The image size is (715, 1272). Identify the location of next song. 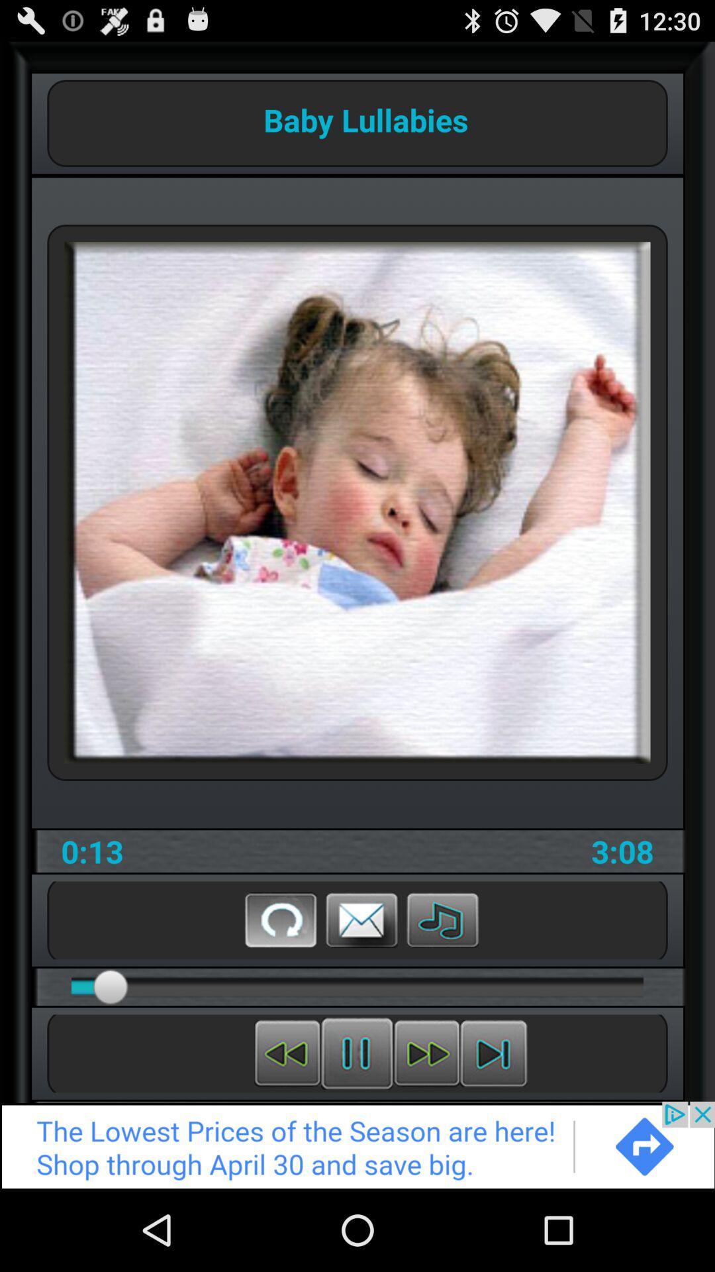
(426, 1053).